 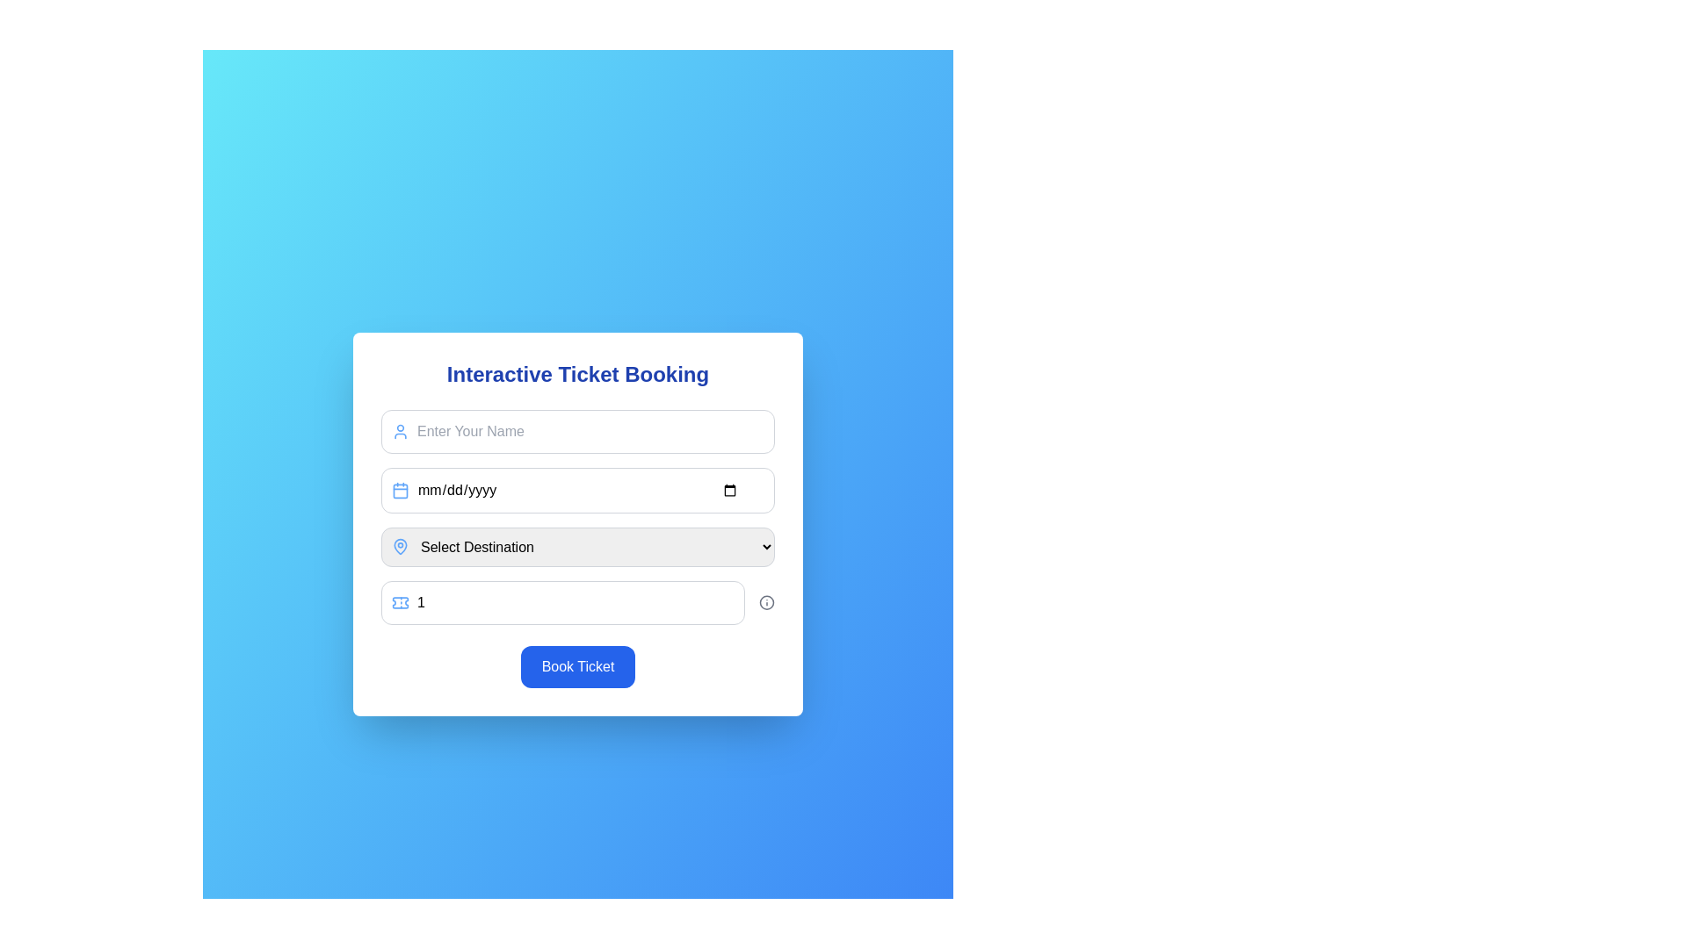 What do you see at coordinates (400, 601) in the screenshot?
I see `the small blue ticket icon located to the left of the input field for entering ticket quantities, aligned vertically to its middle` at bounding box center [400, 601].